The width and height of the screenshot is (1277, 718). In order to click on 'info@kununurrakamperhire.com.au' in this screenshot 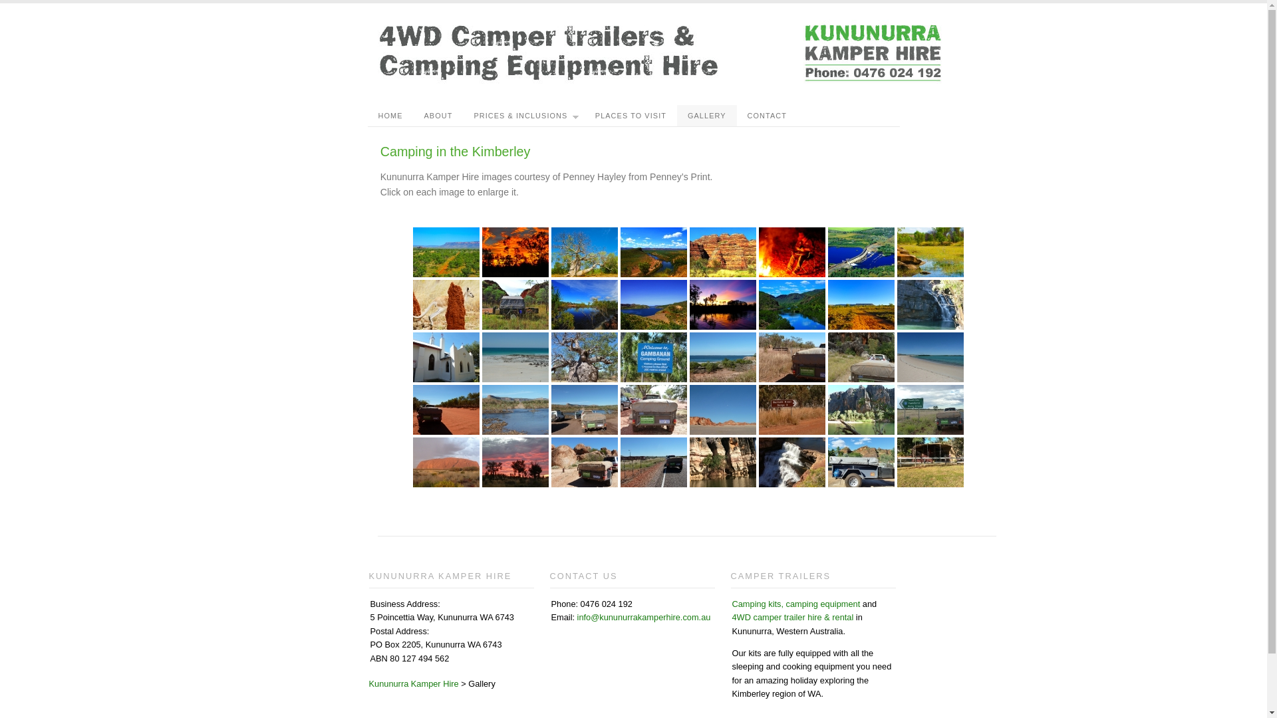, I will do `click(644, 617)`.